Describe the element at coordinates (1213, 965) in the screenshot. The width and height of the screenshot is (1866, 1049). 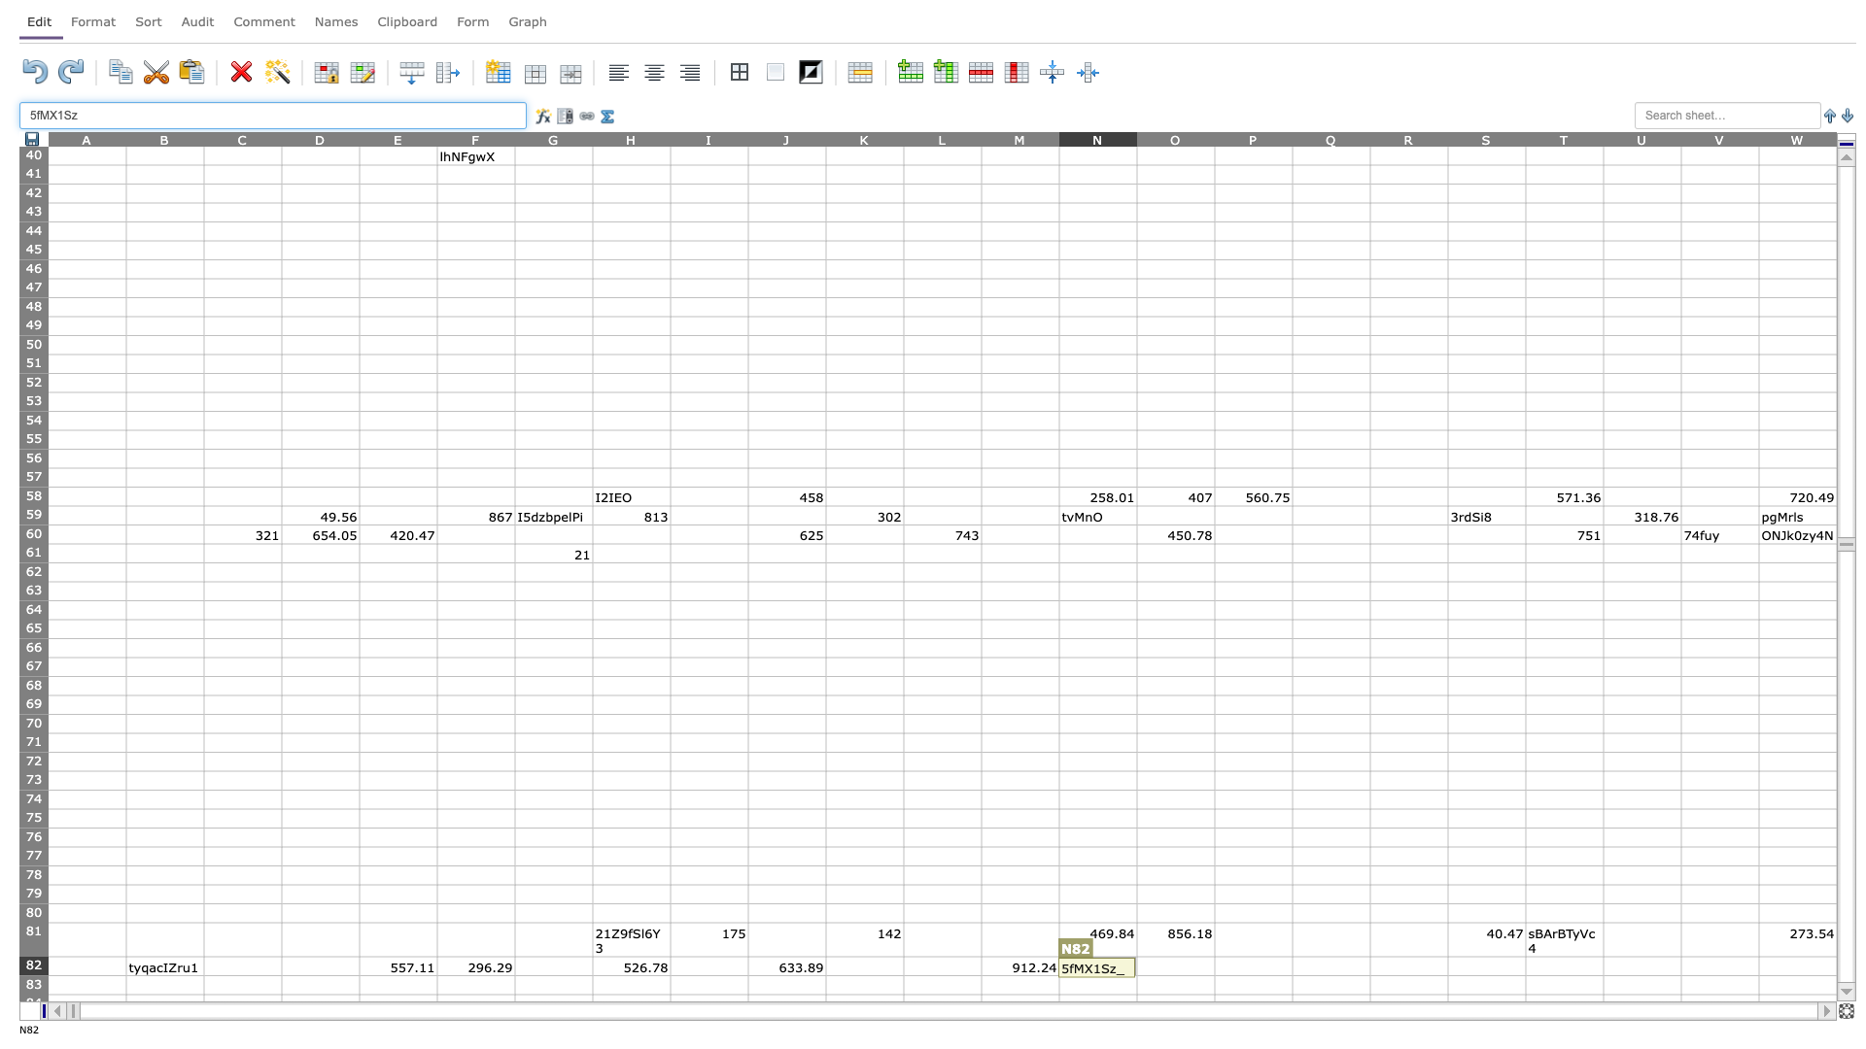
I see `Right side boundary of O82` at that location.